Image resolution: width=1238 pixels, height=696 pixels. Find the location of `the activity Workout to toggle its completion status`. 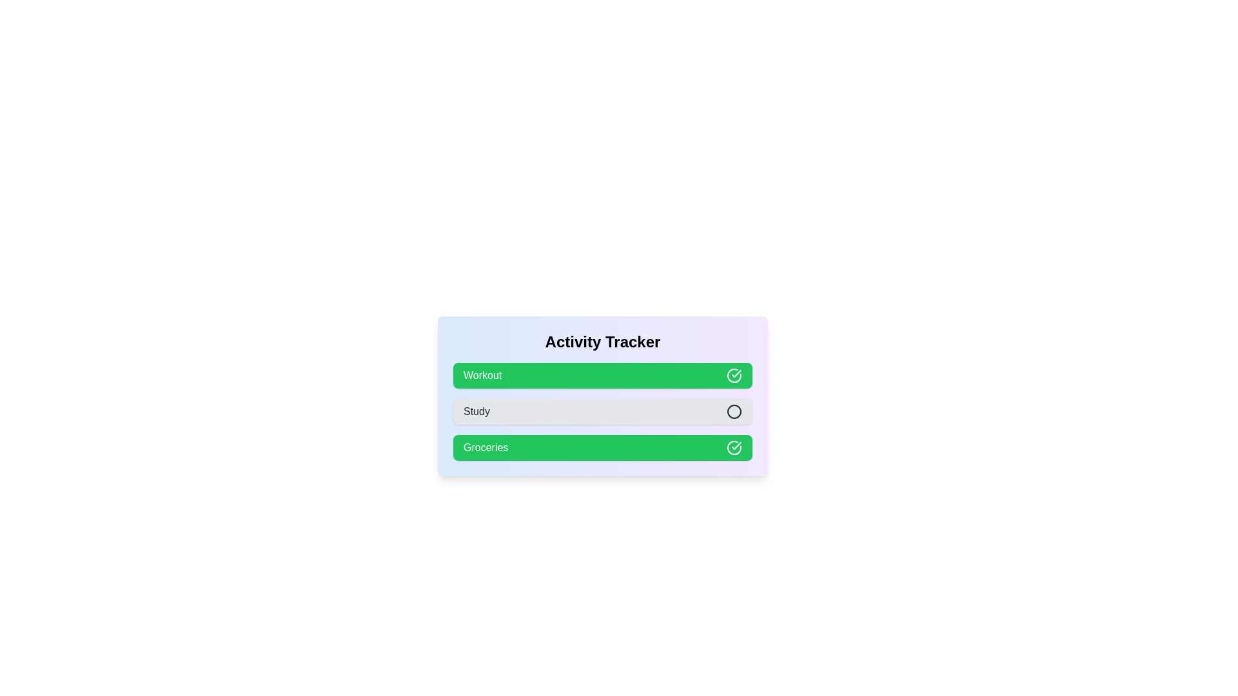

the activity Workout to toggle its completion status is located at coordinates (602, 375).